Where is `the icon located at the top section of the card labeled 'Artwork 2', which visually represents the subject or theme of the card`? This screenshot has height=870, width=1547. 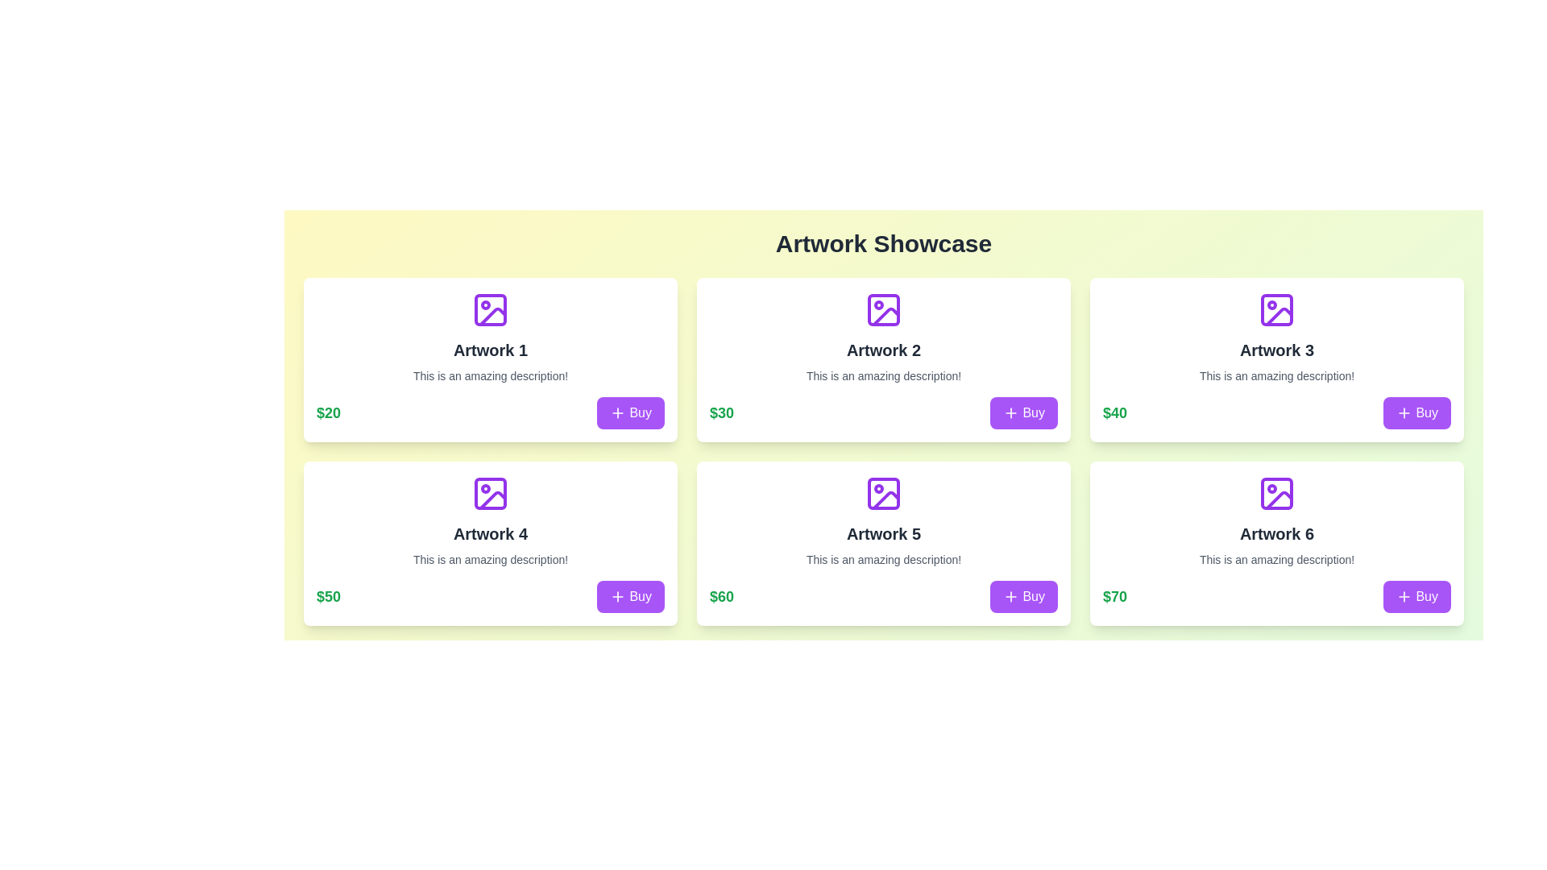 the icon located at the top section of the card labeled 'Artwork 2', which visually represents the subject or theme of the card is located at coordinates (883, 310).